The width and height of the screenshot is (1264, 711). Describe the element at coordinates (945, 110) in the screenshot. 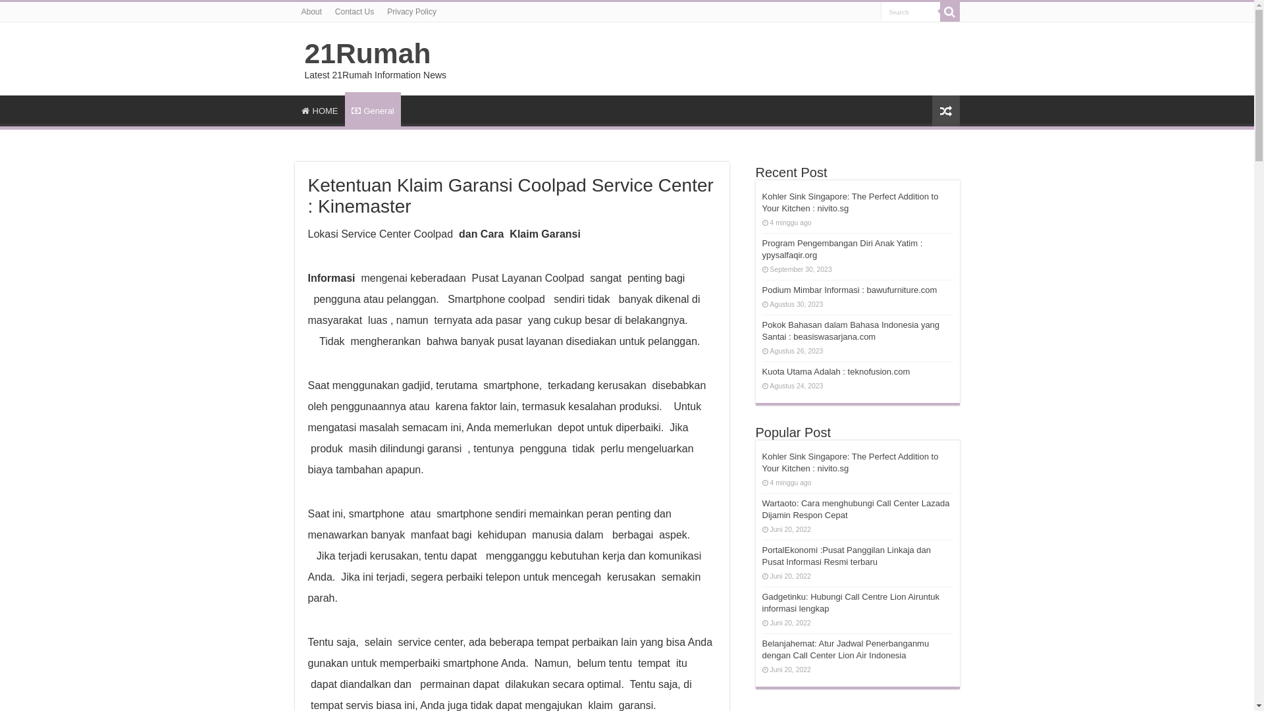

I see `'Random Article'` at that location.